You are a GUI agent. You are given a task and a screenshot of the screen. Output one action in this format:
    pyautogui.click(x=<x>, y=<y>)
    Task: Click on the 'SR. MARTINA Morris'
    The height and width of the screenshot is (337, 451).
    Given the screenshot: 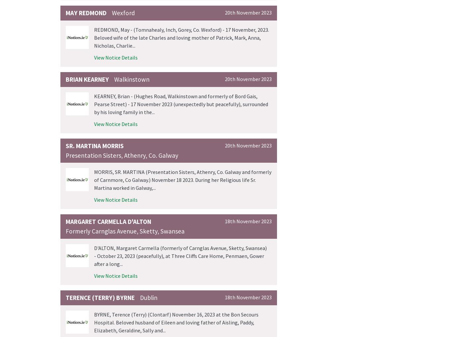 What is the action you would take?
    pyautogui.click(x=65, y=146)
    